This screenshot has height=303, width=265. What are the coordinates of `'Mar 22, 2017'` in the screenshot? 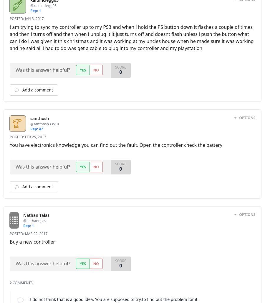 It's located at (24, 233).